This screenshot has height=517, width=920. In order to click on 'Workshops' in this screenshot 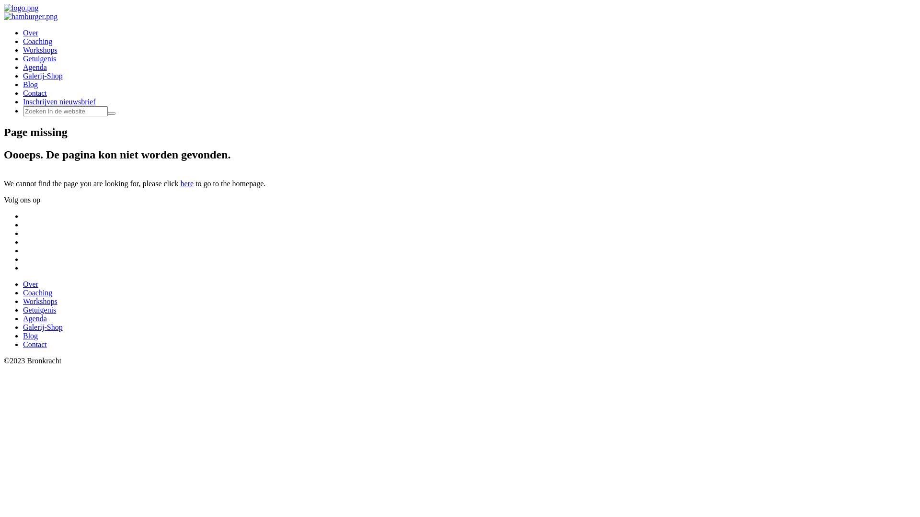, I will do `click(39, 50)`.